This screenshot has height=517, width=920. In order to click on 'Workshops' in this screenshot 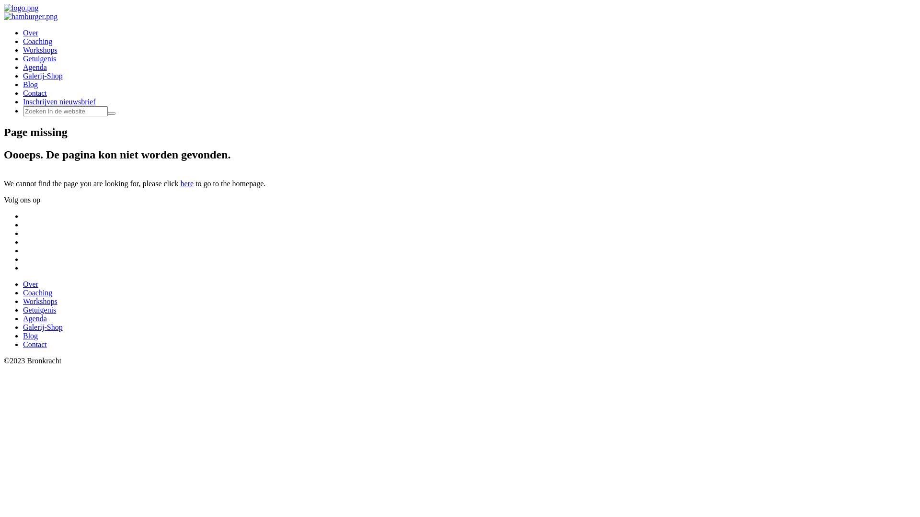, I will do `click(39, 50)`.